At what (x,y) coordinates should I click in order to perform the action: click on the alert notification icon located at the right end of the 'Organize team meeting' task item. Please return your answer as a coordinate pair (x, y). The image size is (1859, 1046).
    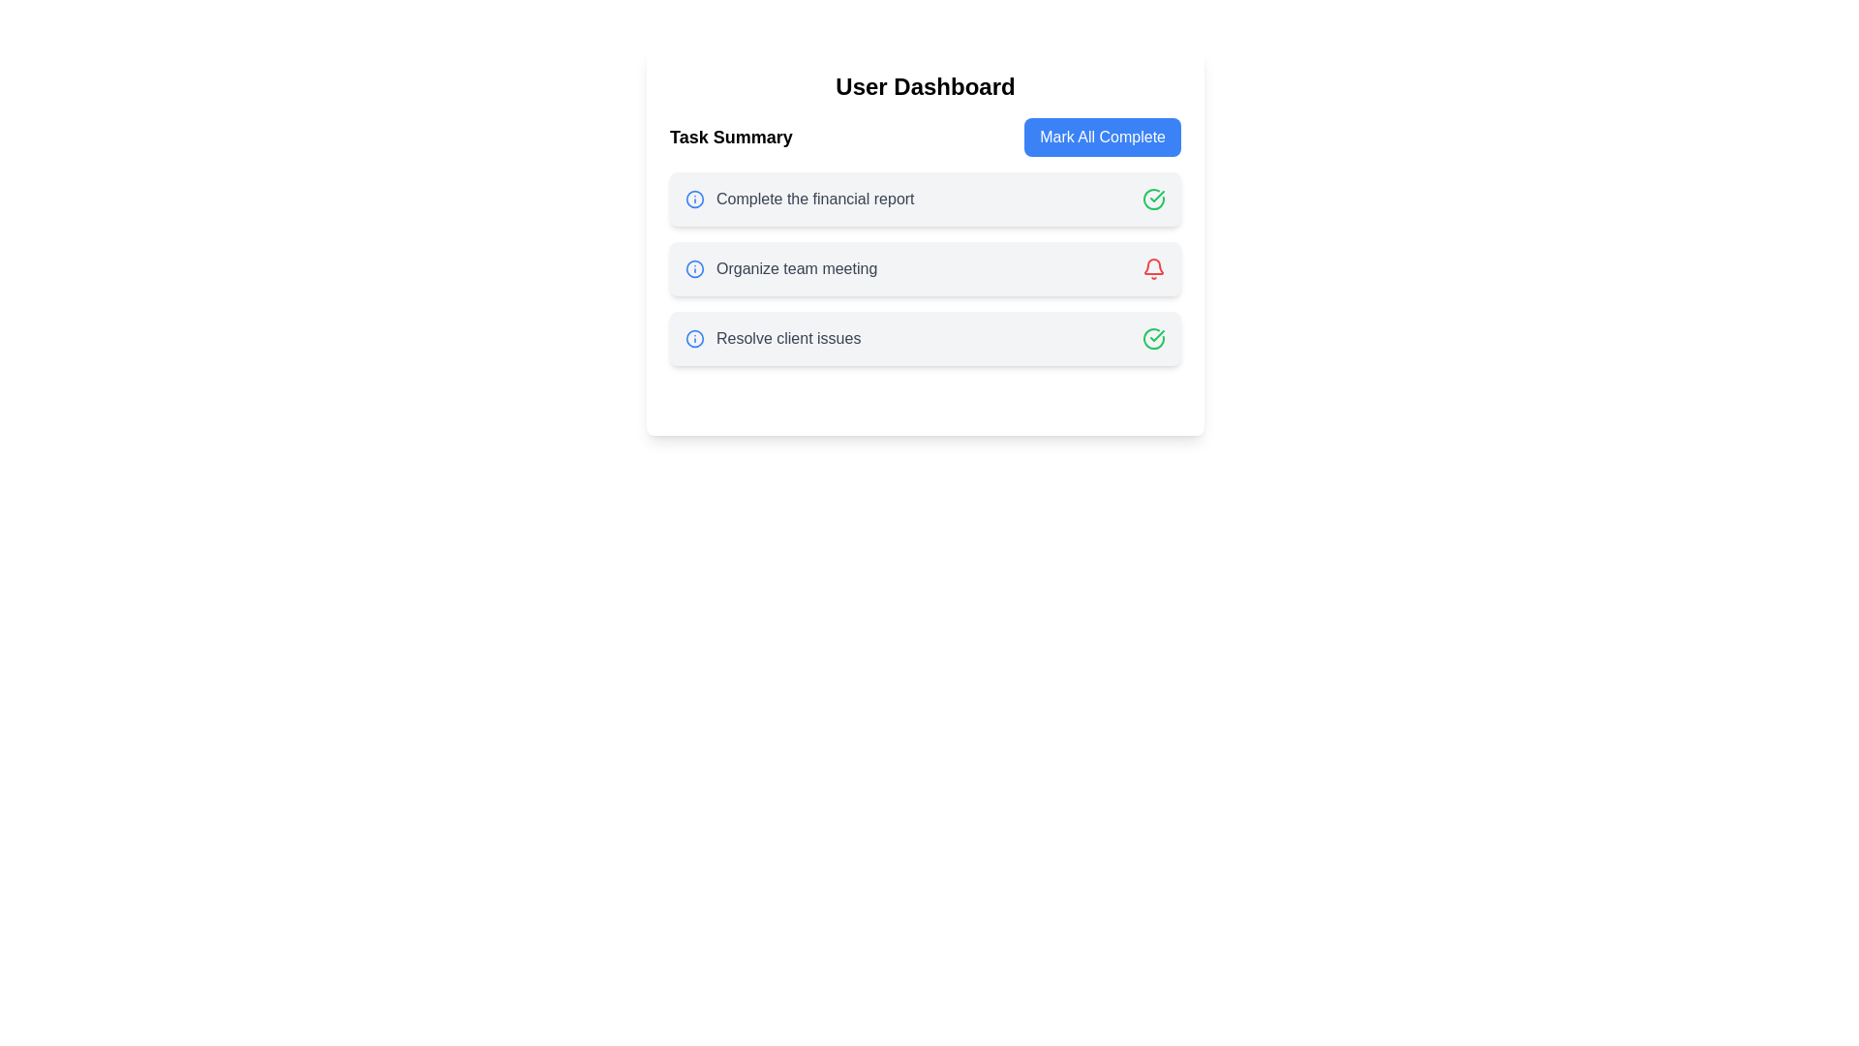
    Looking at the image, I should click on (1153, 266).